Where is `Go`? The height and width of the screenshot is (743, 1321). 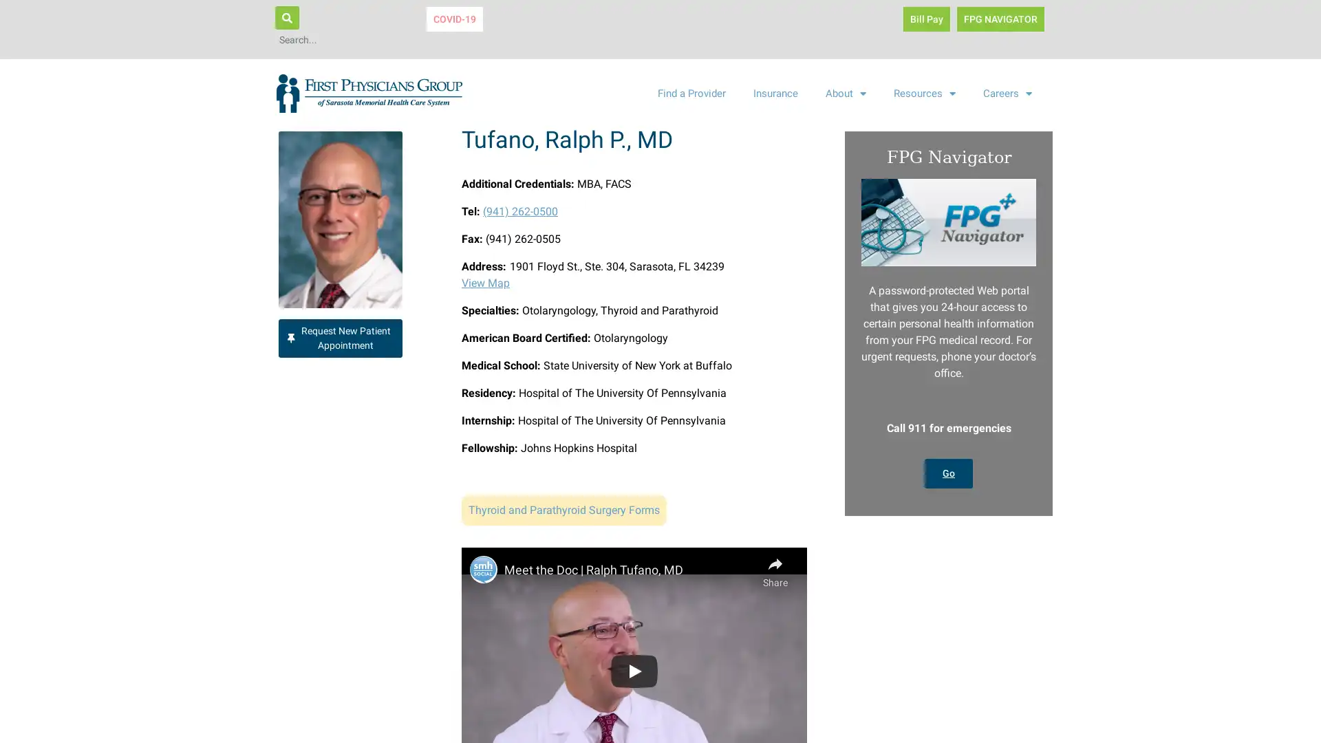 Go is located at coordinates (947, 472).